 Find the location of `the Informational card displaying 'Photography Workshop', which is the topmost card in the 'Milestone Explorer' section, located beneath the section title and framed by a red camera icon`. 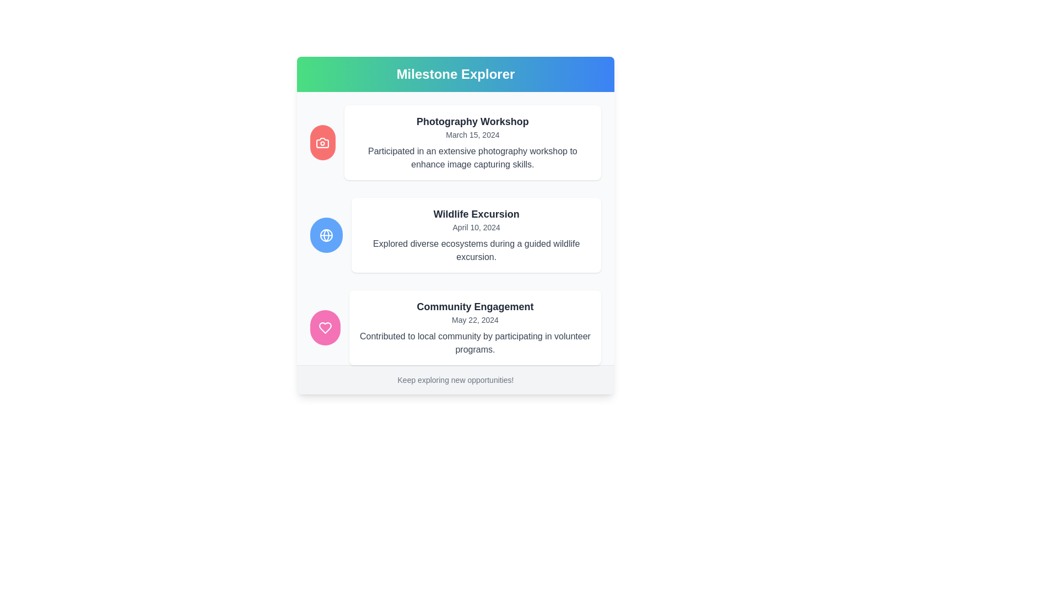

the Informational card displaying 'Photography Workshop', which is the topmost card in the 'Milestone Explorer' section, located beneath the section title and framed by a red camera icon is located at coordinates (472, 142).